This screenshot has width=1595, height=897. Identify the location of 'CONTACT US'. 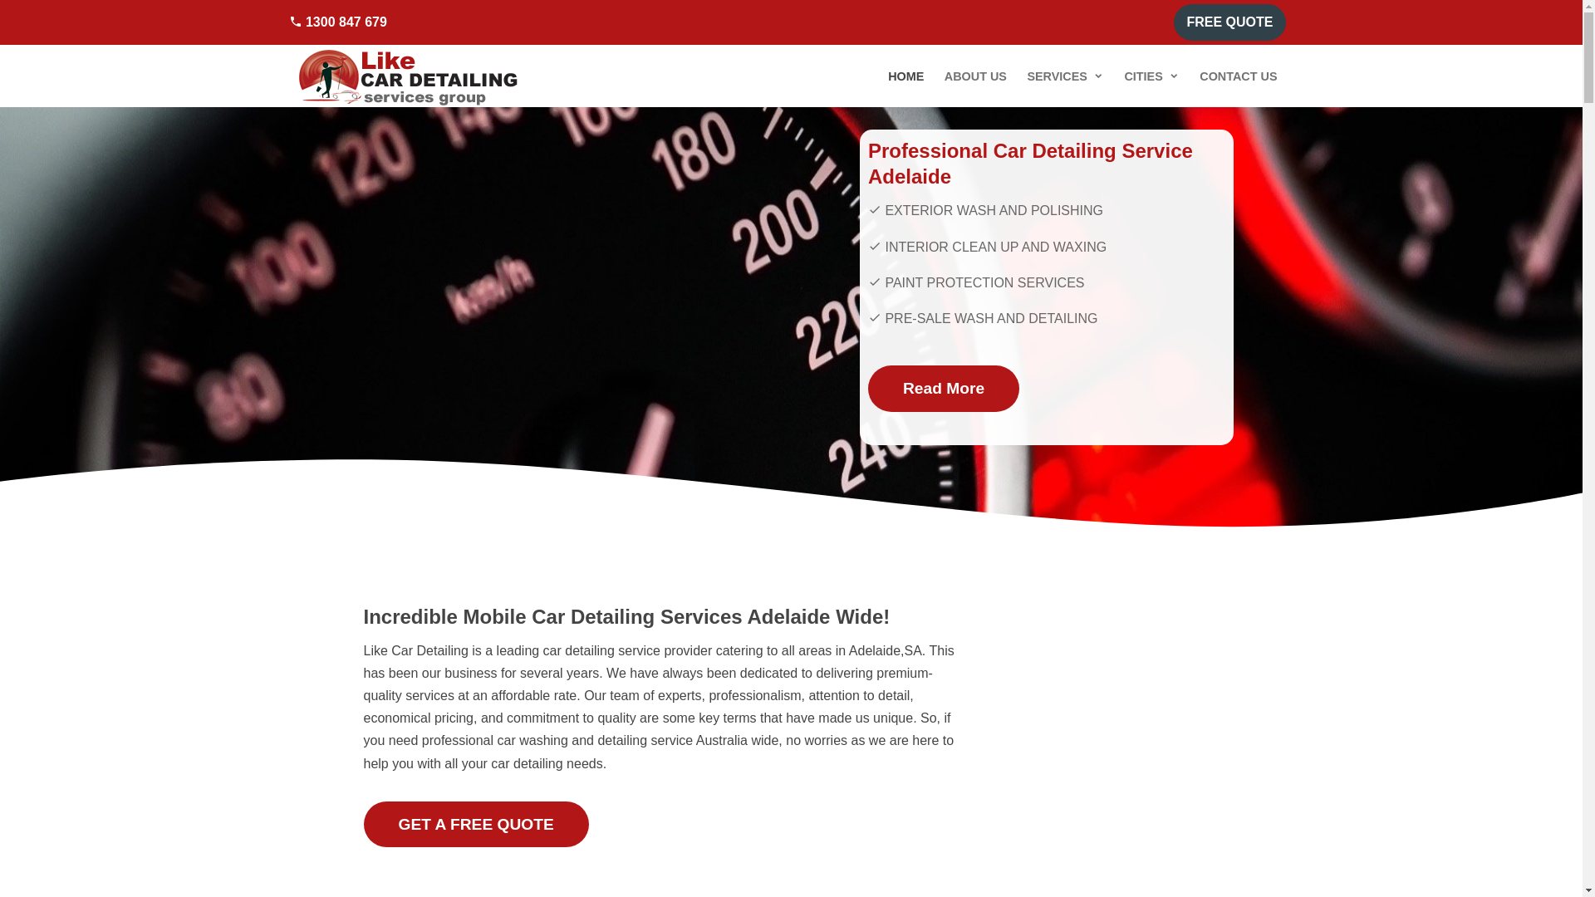
(1238, 76).